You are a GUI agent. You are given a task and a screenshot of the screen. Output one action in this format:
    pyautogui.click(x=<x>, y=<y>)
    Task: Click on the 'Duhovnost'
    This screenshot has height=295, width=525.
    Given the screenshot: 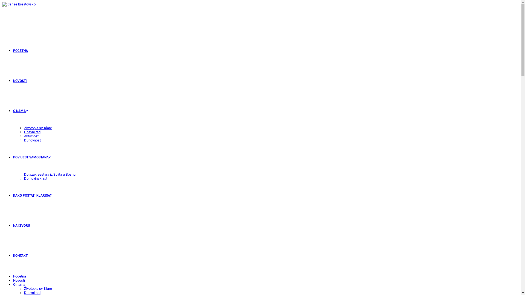 What is the action you would take?
    pyautogui.click(x=32, y=140)
    